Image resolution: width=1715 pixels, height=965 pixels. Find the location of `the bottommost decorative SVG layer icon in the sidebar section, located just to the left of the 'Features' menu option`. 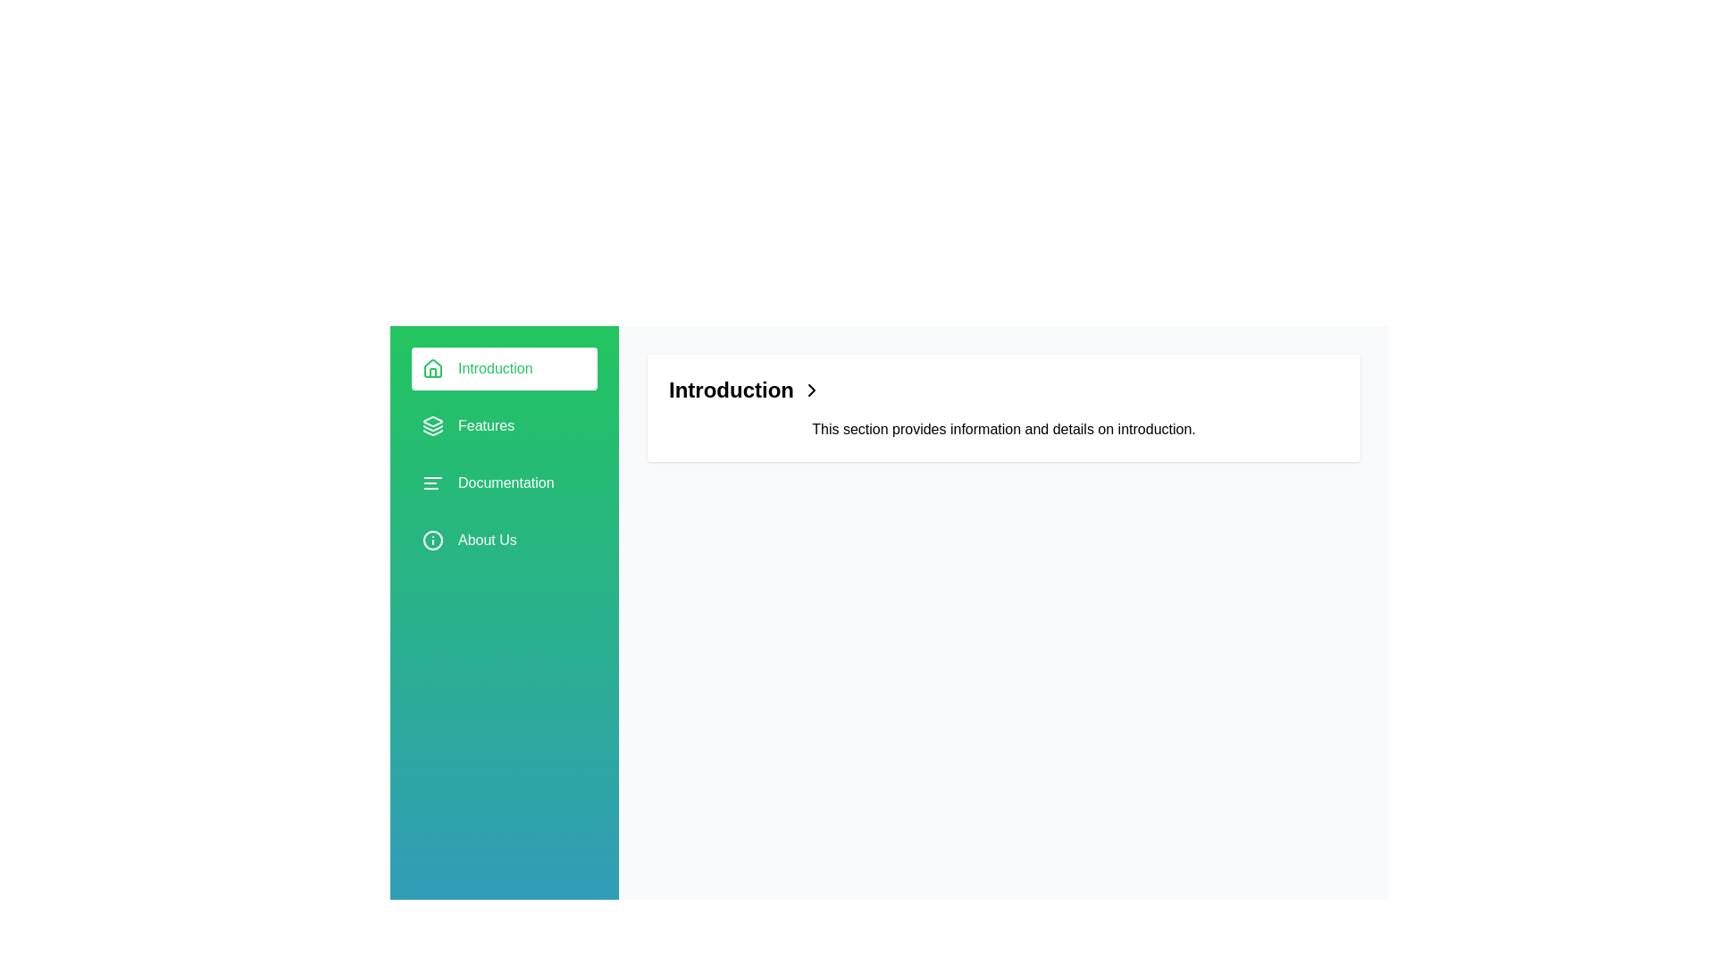

the bottommost decorative SVG layer icon in the sidebar section, located just to the left of the 'Features' menu option is located at coordinates (432, 432).